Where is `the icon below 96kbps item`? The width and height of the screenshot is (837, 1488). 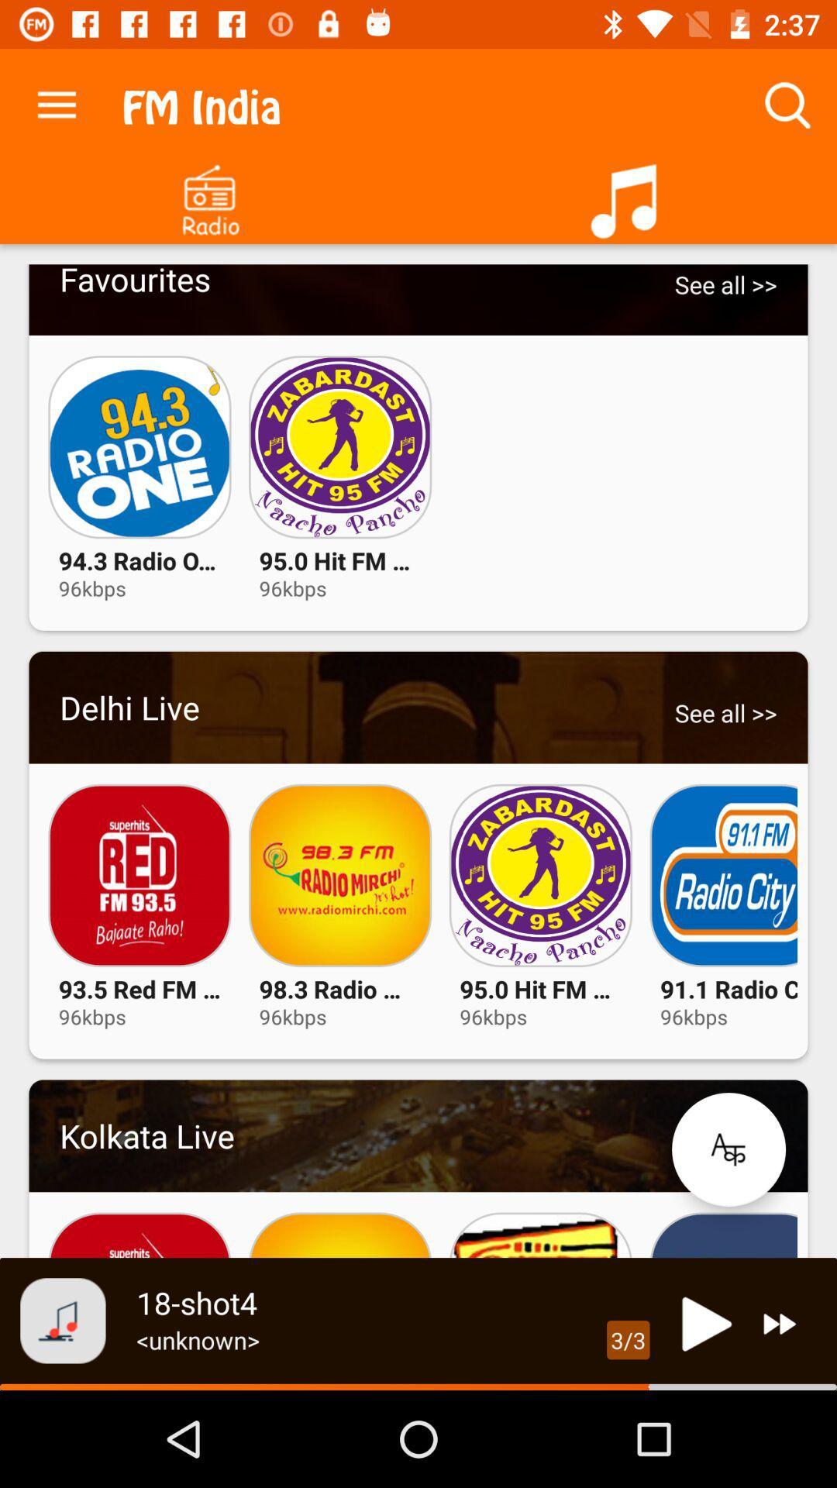
the icon below 96kbps item is located at coordinates (728, 1149).